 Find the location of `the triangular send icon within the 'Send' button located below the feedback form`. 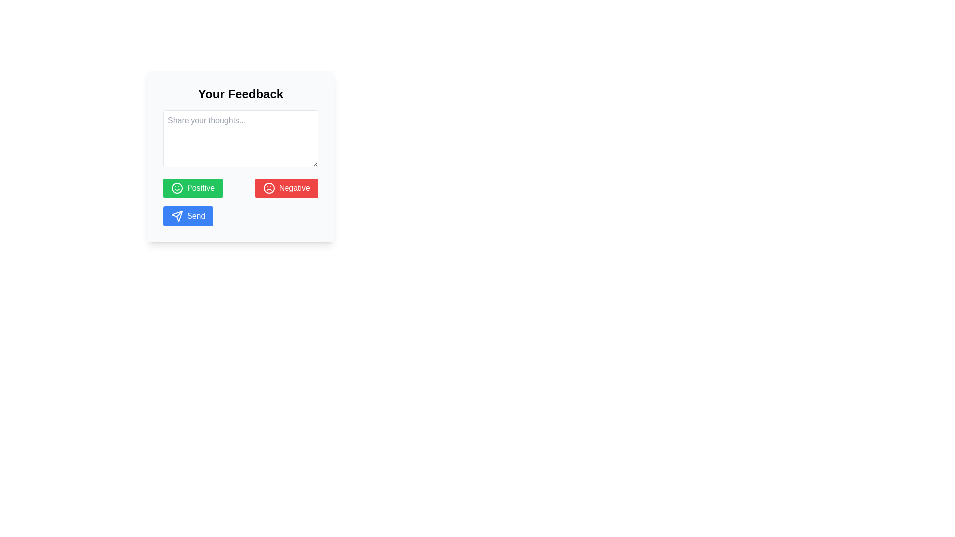

the triangular send icon within the 'Send' button located below the feedback form is located at coordinates (177, 215).